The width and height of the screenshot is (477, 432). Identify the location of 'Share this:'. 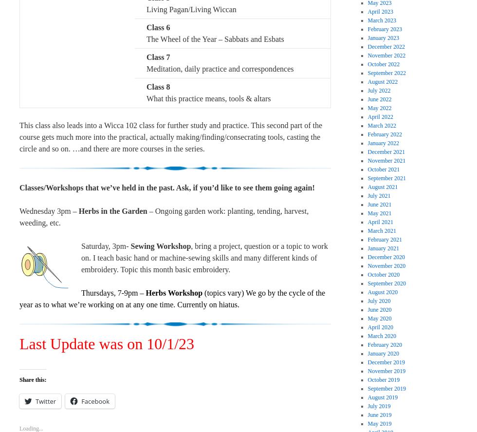
(33, 378).